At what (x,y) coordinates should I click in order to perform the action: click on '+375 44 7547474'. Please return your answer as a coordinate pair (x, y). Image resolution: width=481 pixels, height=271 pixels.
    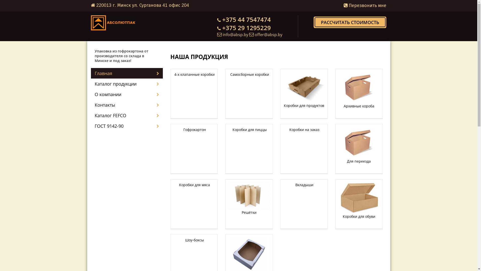
    Looking at the image, I should click on (222, 19).